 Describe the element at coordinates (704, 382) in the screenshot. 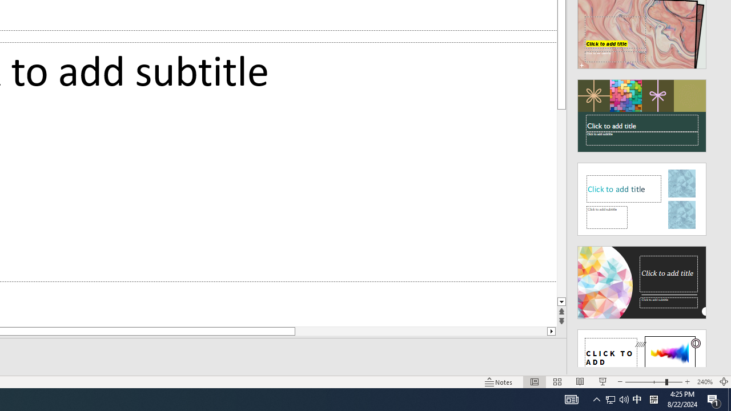

I see `'Zoom 240%'` at that location.